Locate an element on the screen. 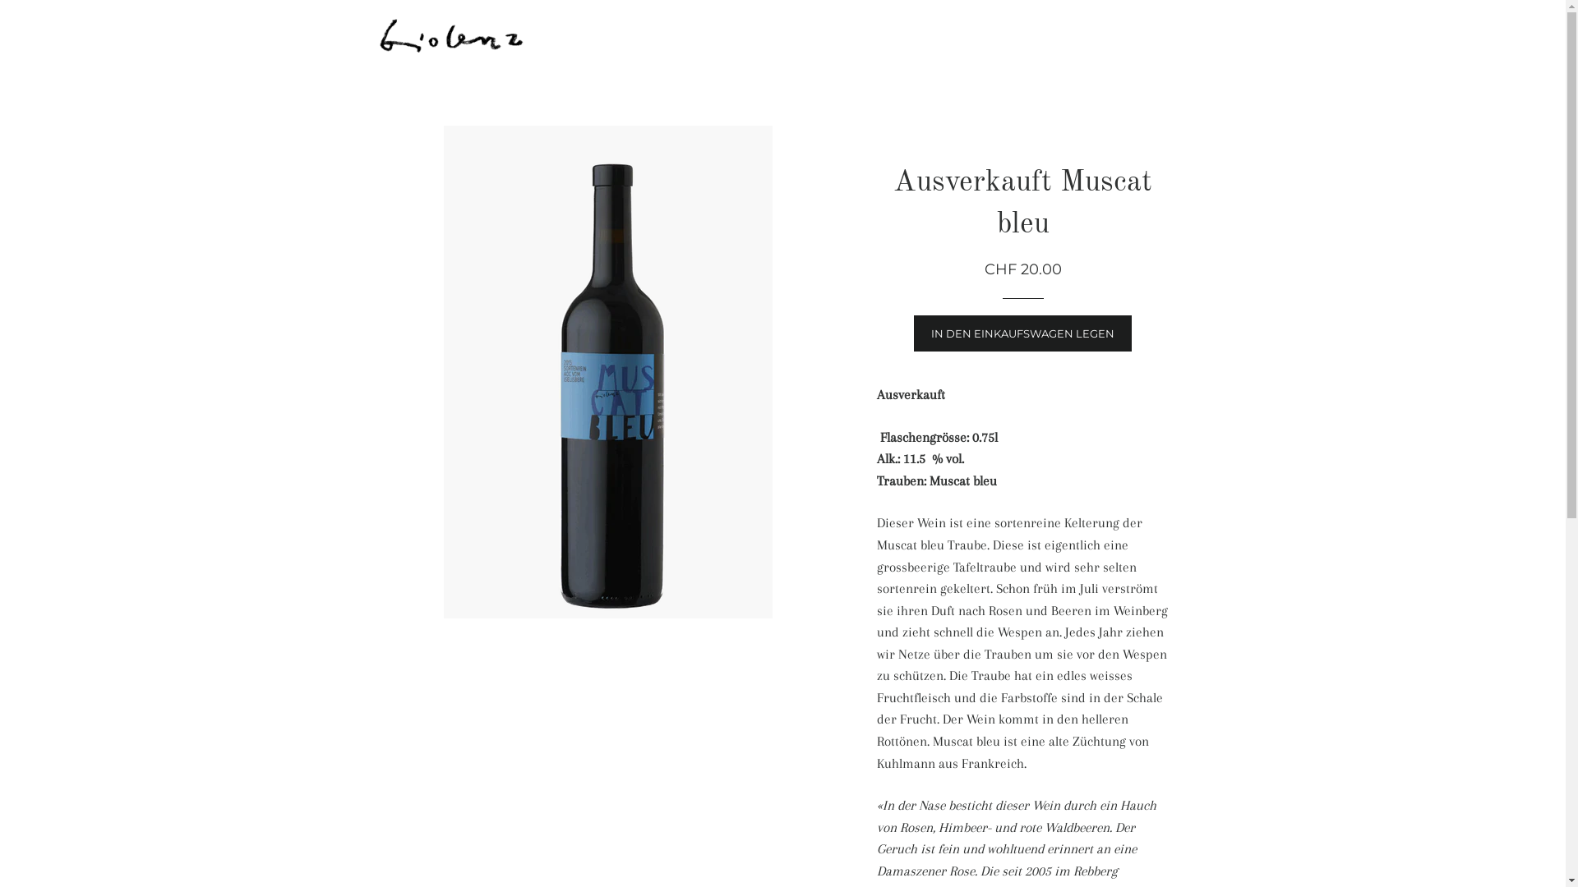 The height and width of the screenshot is (887, 1578). 'IN DEN EINKAUFSWAGEN LEGEN' is located at coordinates (1022, 333).